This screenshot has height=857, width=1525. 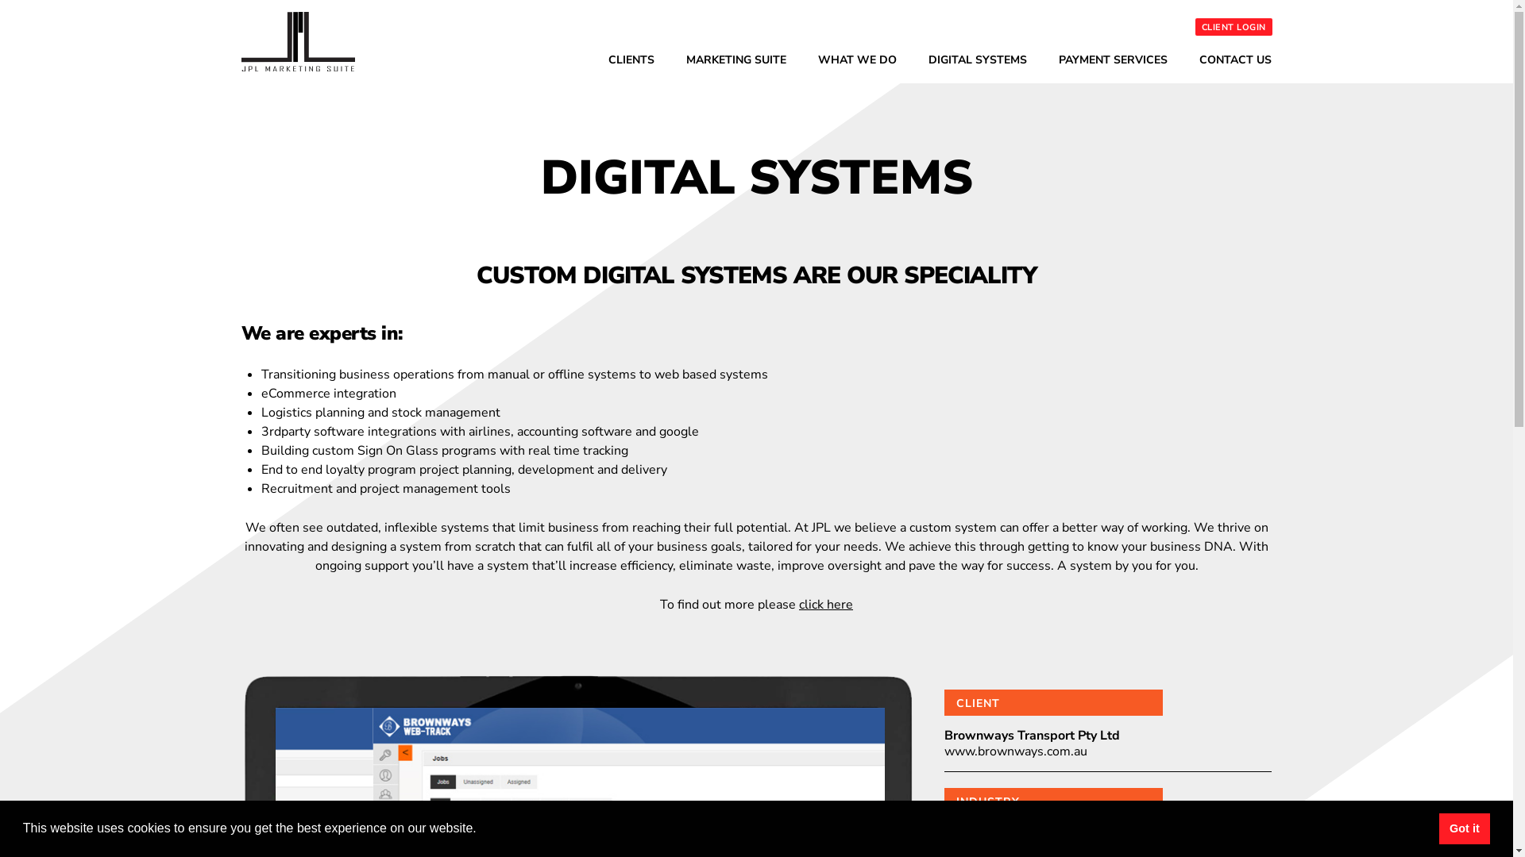 What do you see at coordinates (826, 605) in the screenshot?
I see `'click here'` at bounding box center [826, 605].